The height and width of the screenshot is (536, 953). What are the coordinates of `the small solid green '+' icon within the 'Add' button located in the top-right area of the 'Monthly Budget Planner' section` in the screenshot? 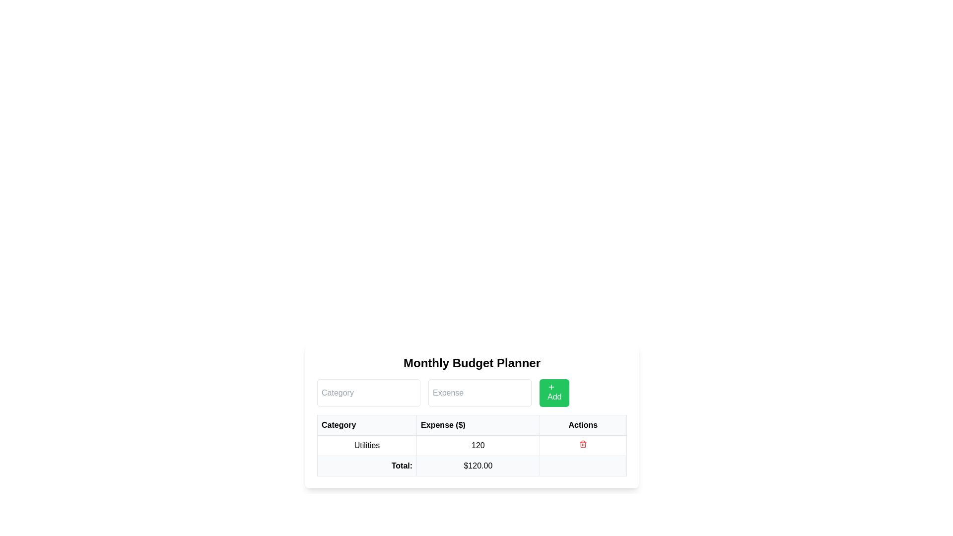 It's located at (550, 386).